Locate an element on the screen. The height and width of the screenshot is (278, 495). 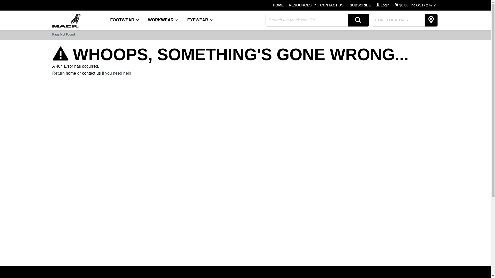
'contact us' is located at coordinates (81, 73).